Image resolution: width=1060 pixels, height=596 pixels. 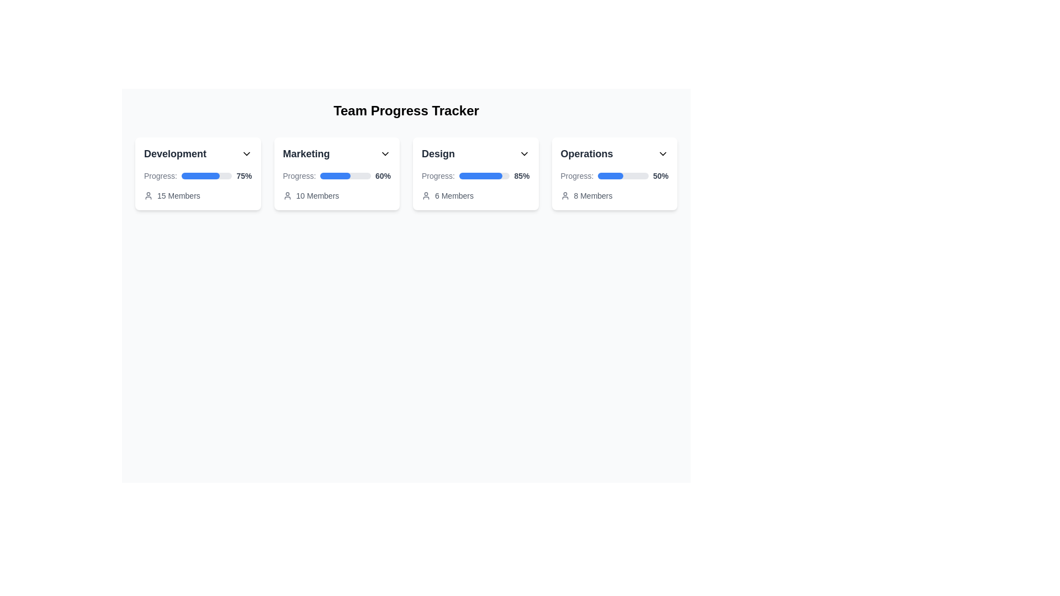 What do you see at coordinates (662, 153) in the screenshot?
I see `the downward-pointing chevron icon located on the far right of the 'Operations' panel header` at bounding box center [662, 153].